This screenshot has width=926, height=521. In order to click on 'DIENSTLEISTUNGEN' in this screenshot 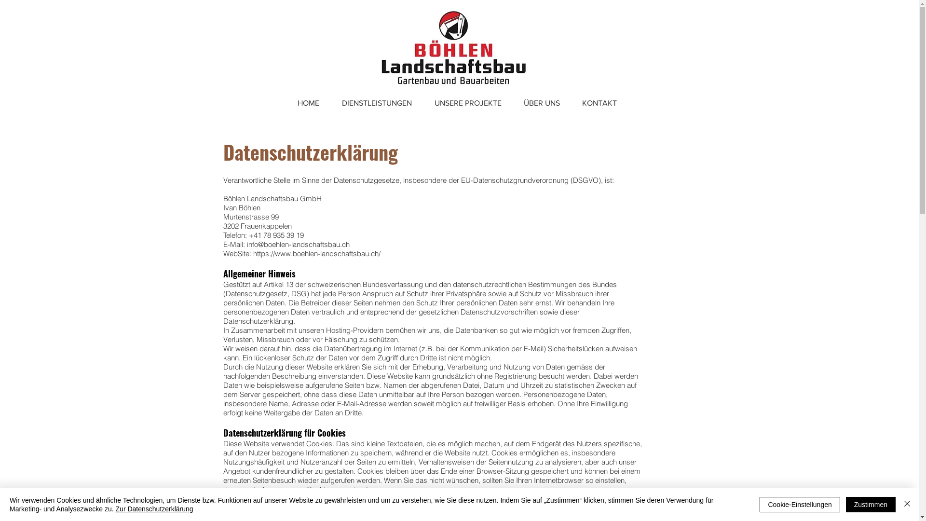, I will do `click(331, 103)`.